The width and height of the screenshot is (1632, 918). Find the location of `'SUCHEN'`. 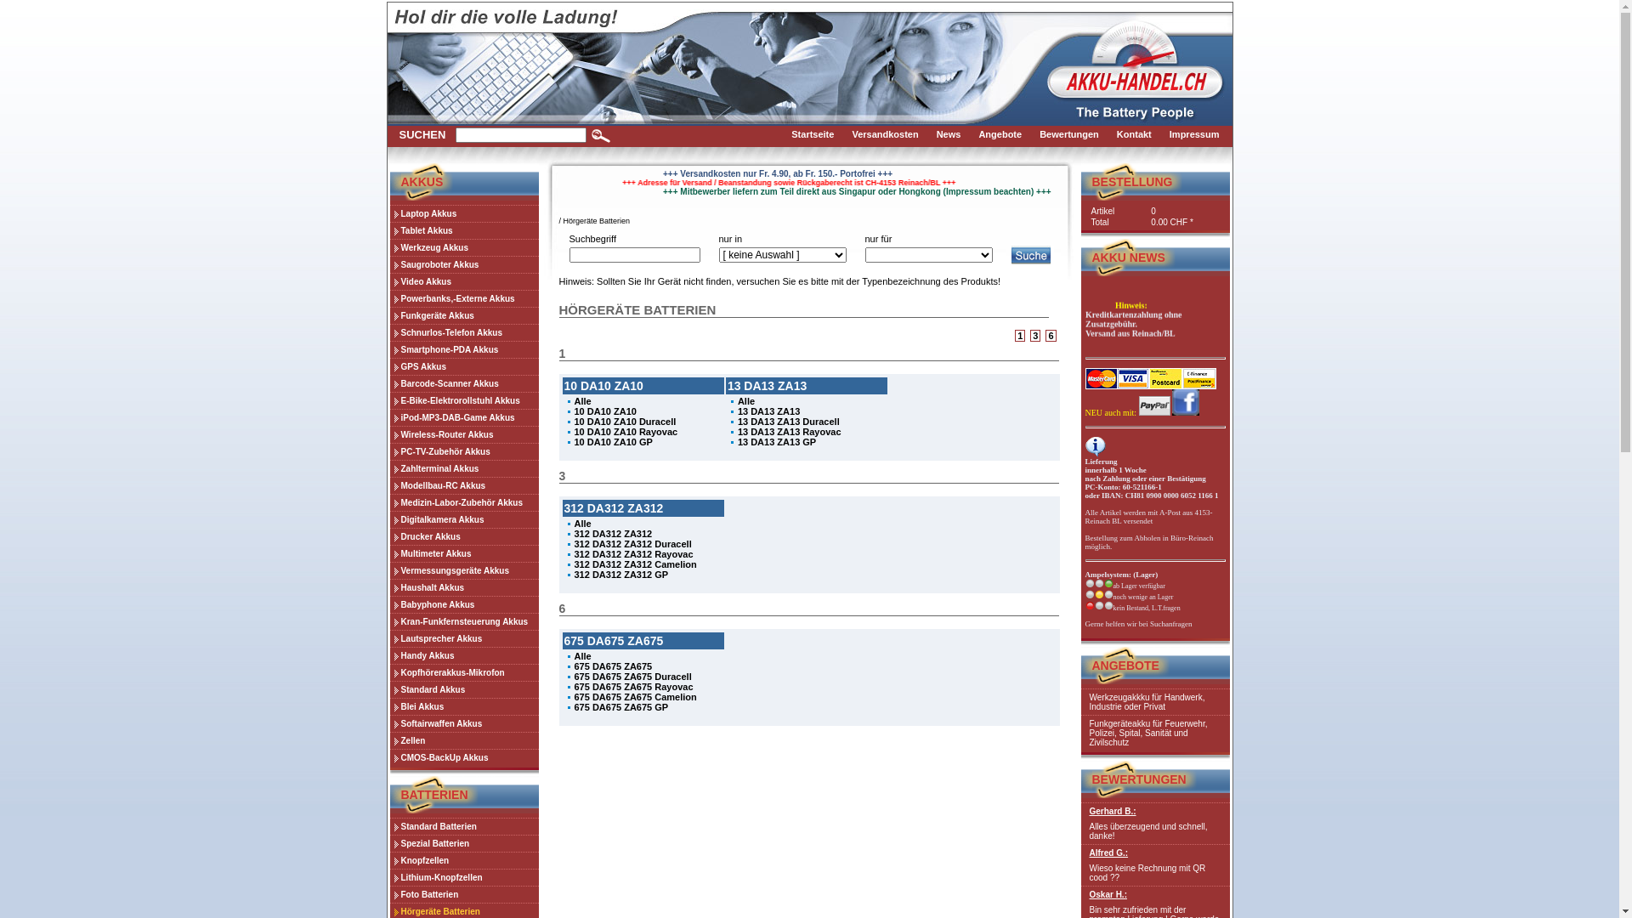

'SUCHEN' is located at coordinates (422, 133).